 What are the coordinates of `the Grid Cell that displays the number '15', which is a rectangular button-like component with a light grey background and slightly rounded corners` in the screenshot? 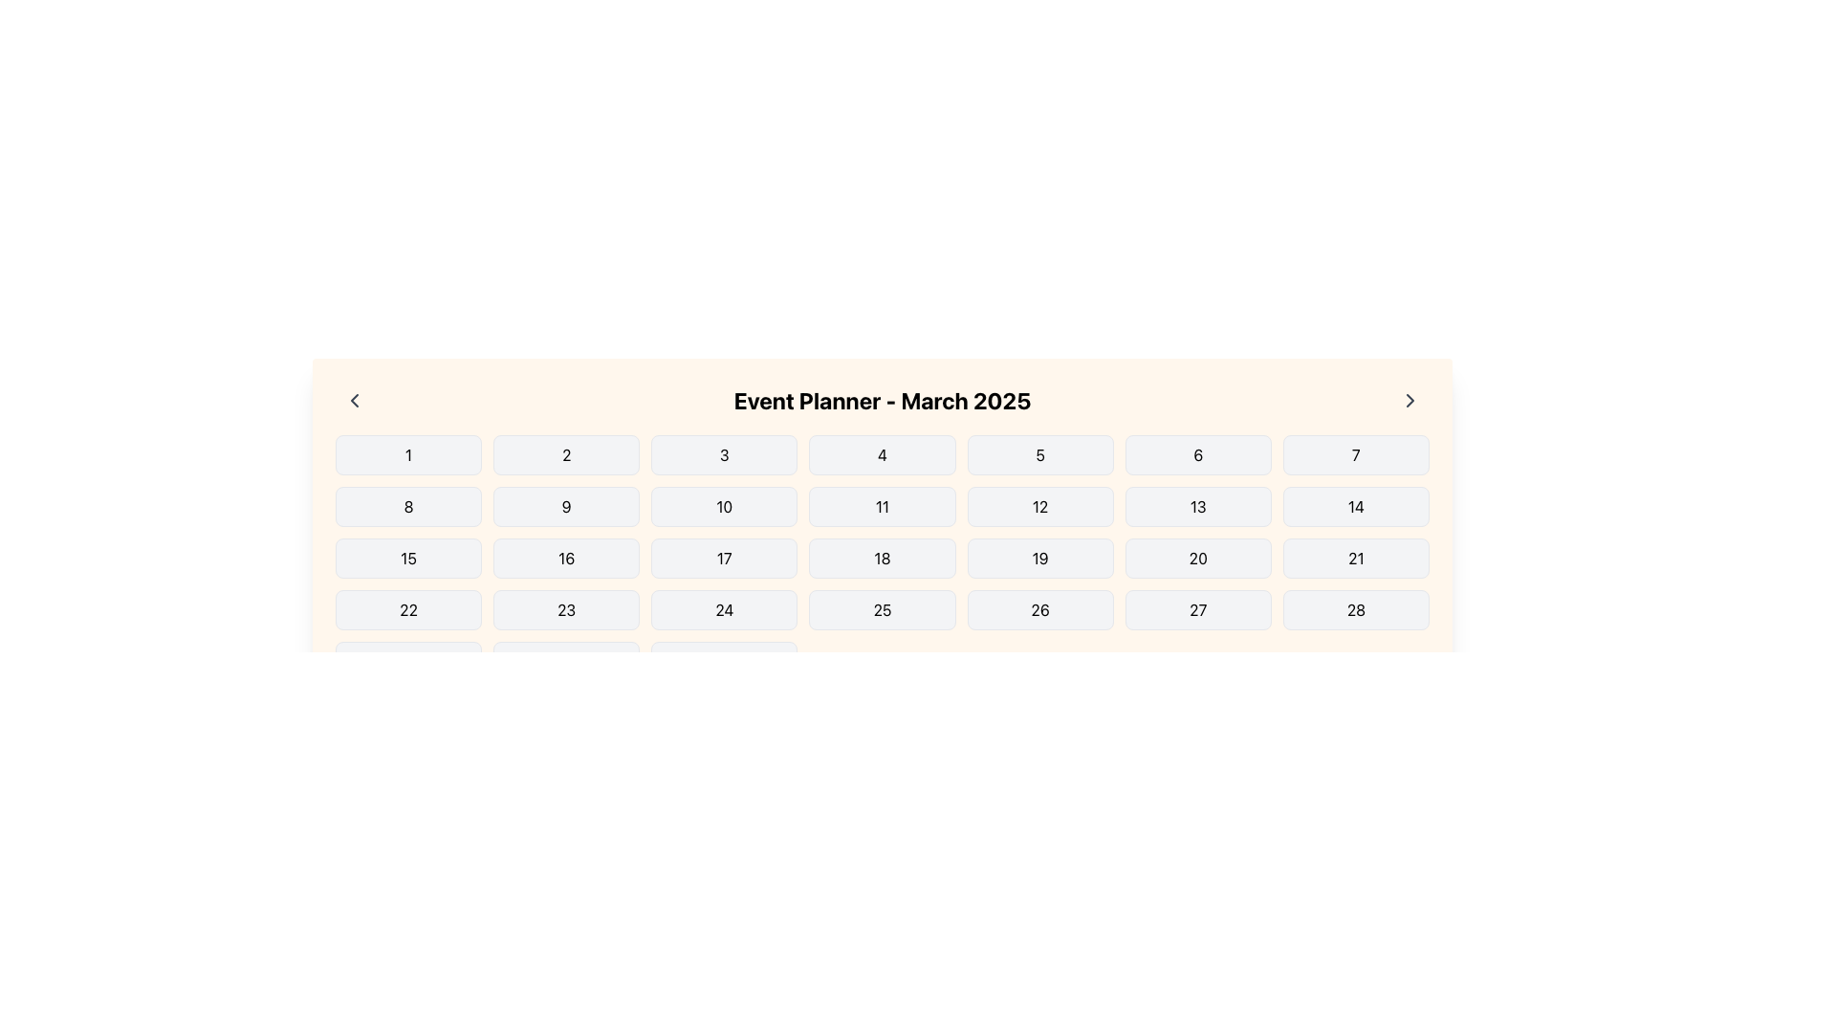 It's located at (407, 558).